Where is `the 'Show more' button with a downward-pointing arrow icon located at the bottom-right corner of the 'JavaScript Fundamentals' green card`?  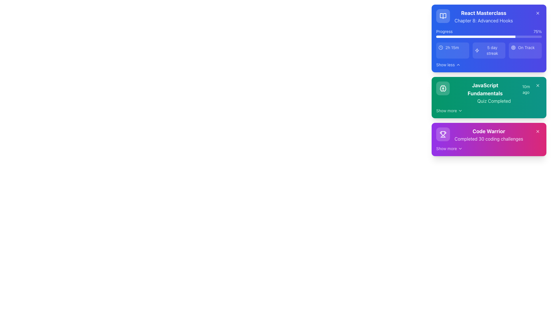
the 'Show more' button with a downward-pointing arrow icon located at the bottom-right corner of the 'JavaScript Fundamentals' green card is located at coordinates (449, 111).